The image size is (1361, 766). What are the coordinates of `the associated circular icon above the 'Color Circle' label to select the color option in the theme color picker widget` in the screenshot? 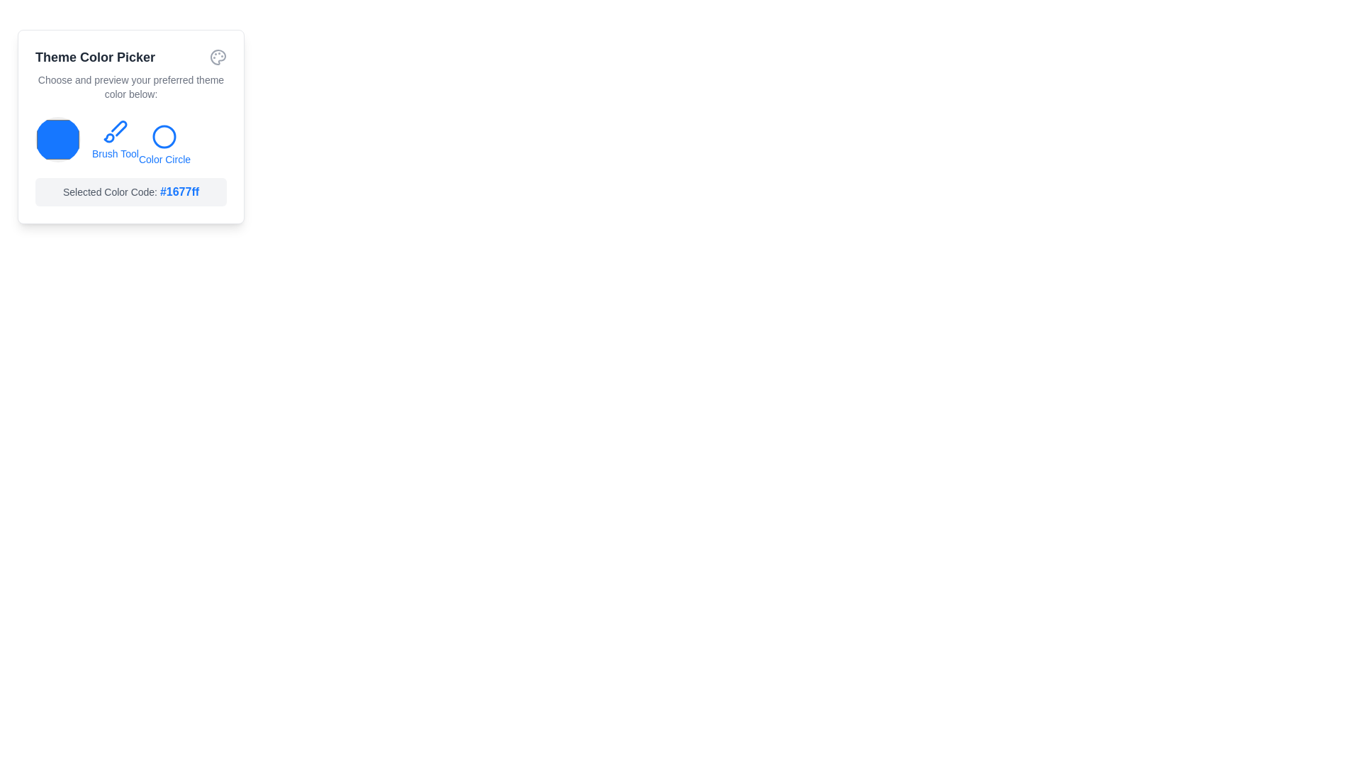 It's located at (164, 159).